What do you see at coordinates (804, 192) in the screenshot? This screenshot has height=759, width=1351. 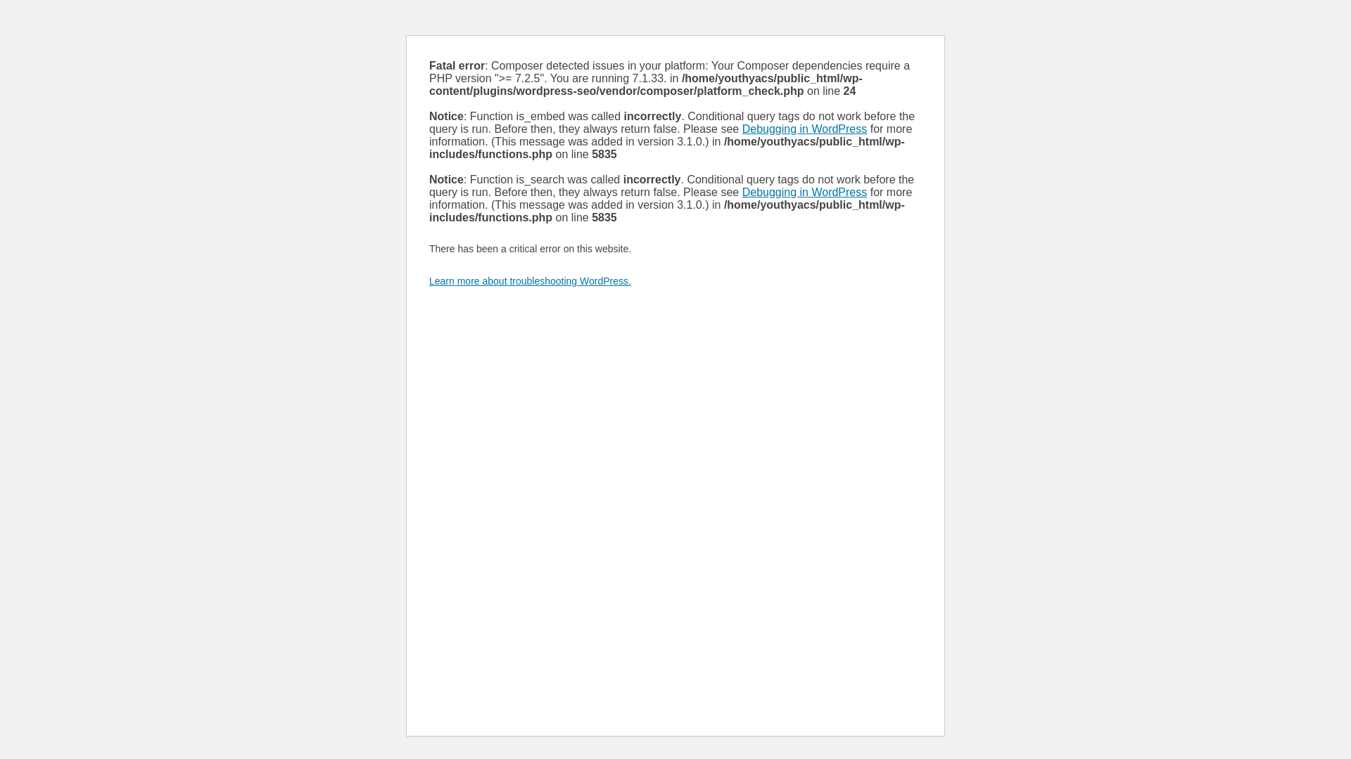 I see `'Debugging in WordPress'` at bounding box center [804, 192].